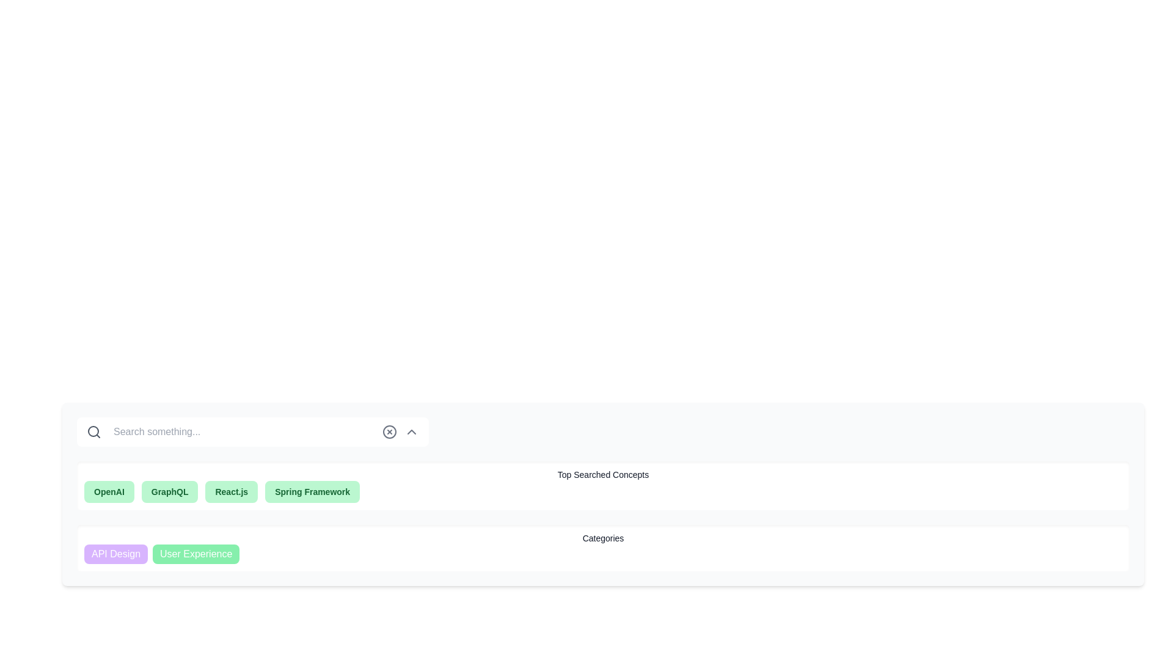  Describe the element at coordinates (232, 491) in the screenshot. I see `the 'React.js' button, which is the third button in a horizontal layout of four similar buttons used for filtering content related to React.js` at that location.